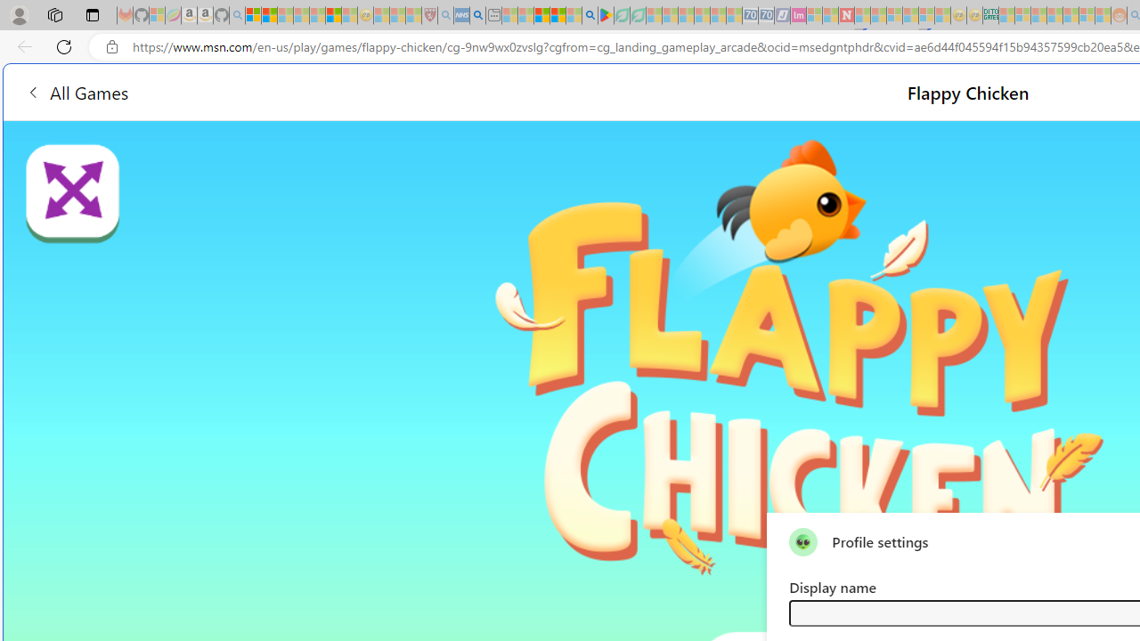 Image resolution: width=1140 pixels, height=641 pixels. Describe the element at coordinates (802, 540) in the screenshot. I see `'""'` at that location.